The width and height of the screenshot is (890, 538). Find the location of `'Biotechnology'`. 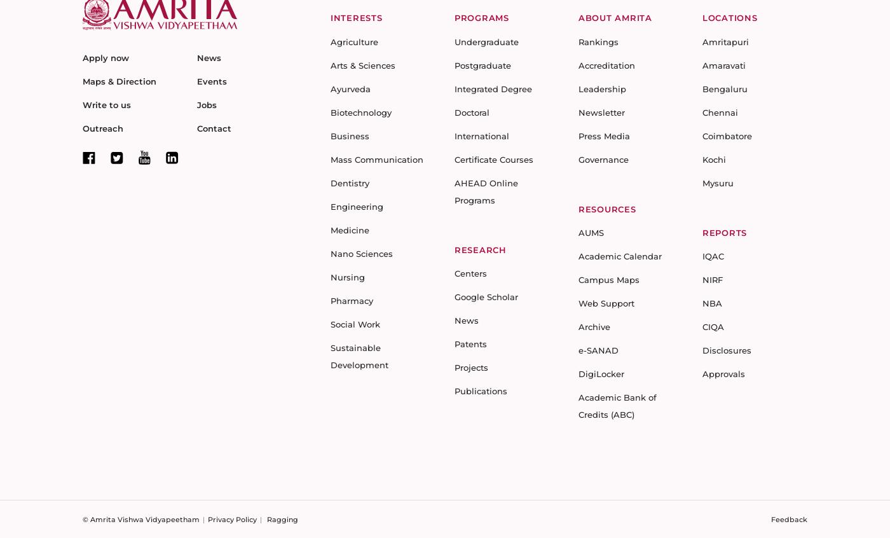

'Biotechnology' is located at coordinates (330, 111).